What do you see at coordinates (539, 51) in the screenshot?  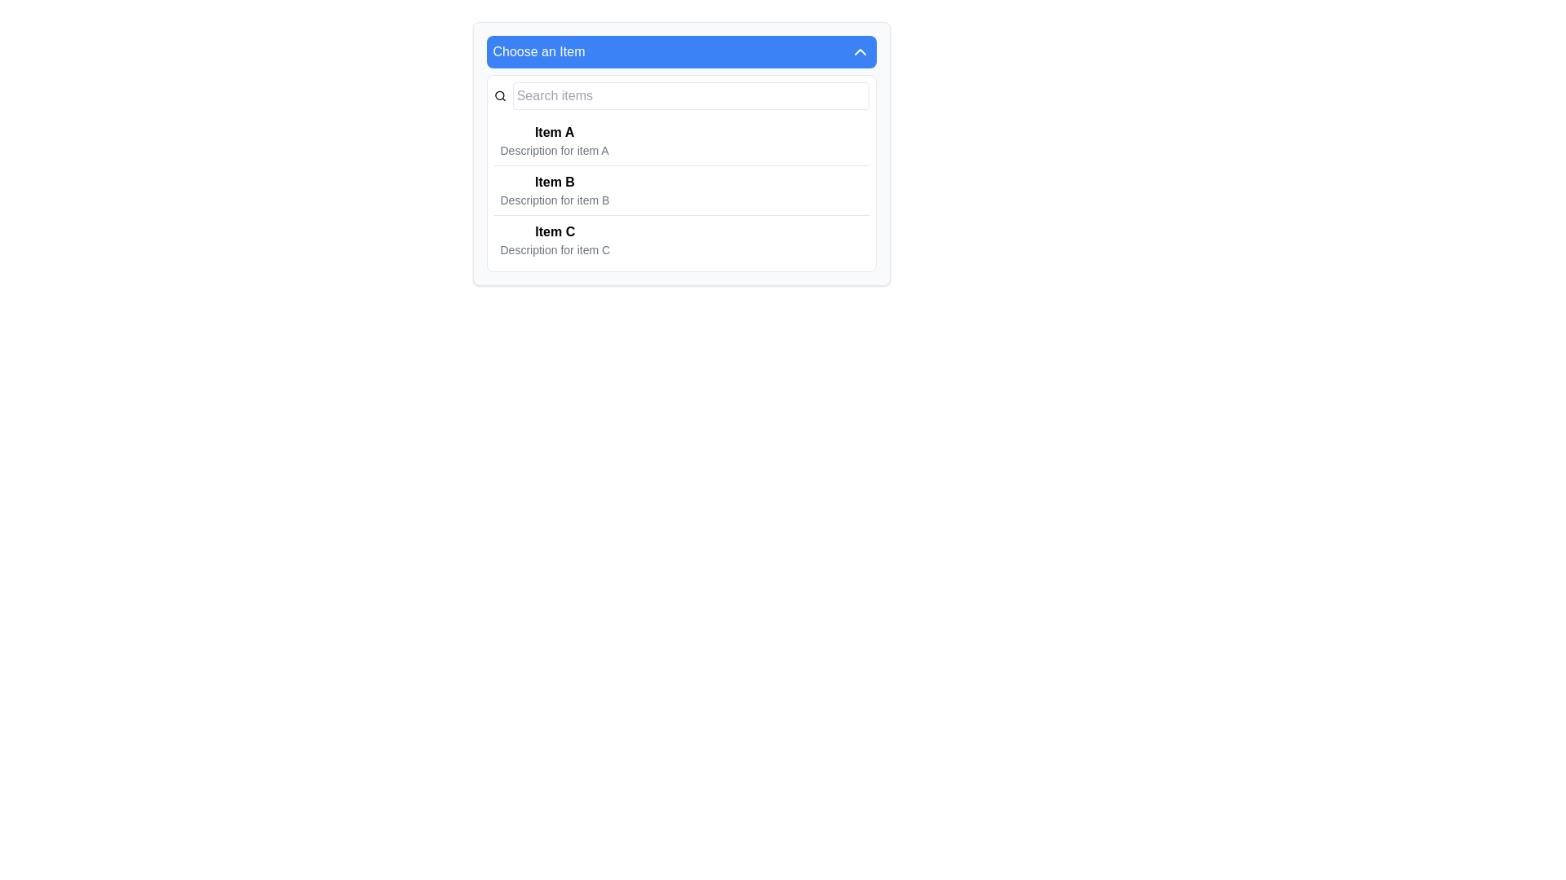 I see `the static text label reading 'Choose an Item' displayed in white font against a blue background, positioned at the left side of the blue header bar above the dropdown content` at bounding box center [539, 51].